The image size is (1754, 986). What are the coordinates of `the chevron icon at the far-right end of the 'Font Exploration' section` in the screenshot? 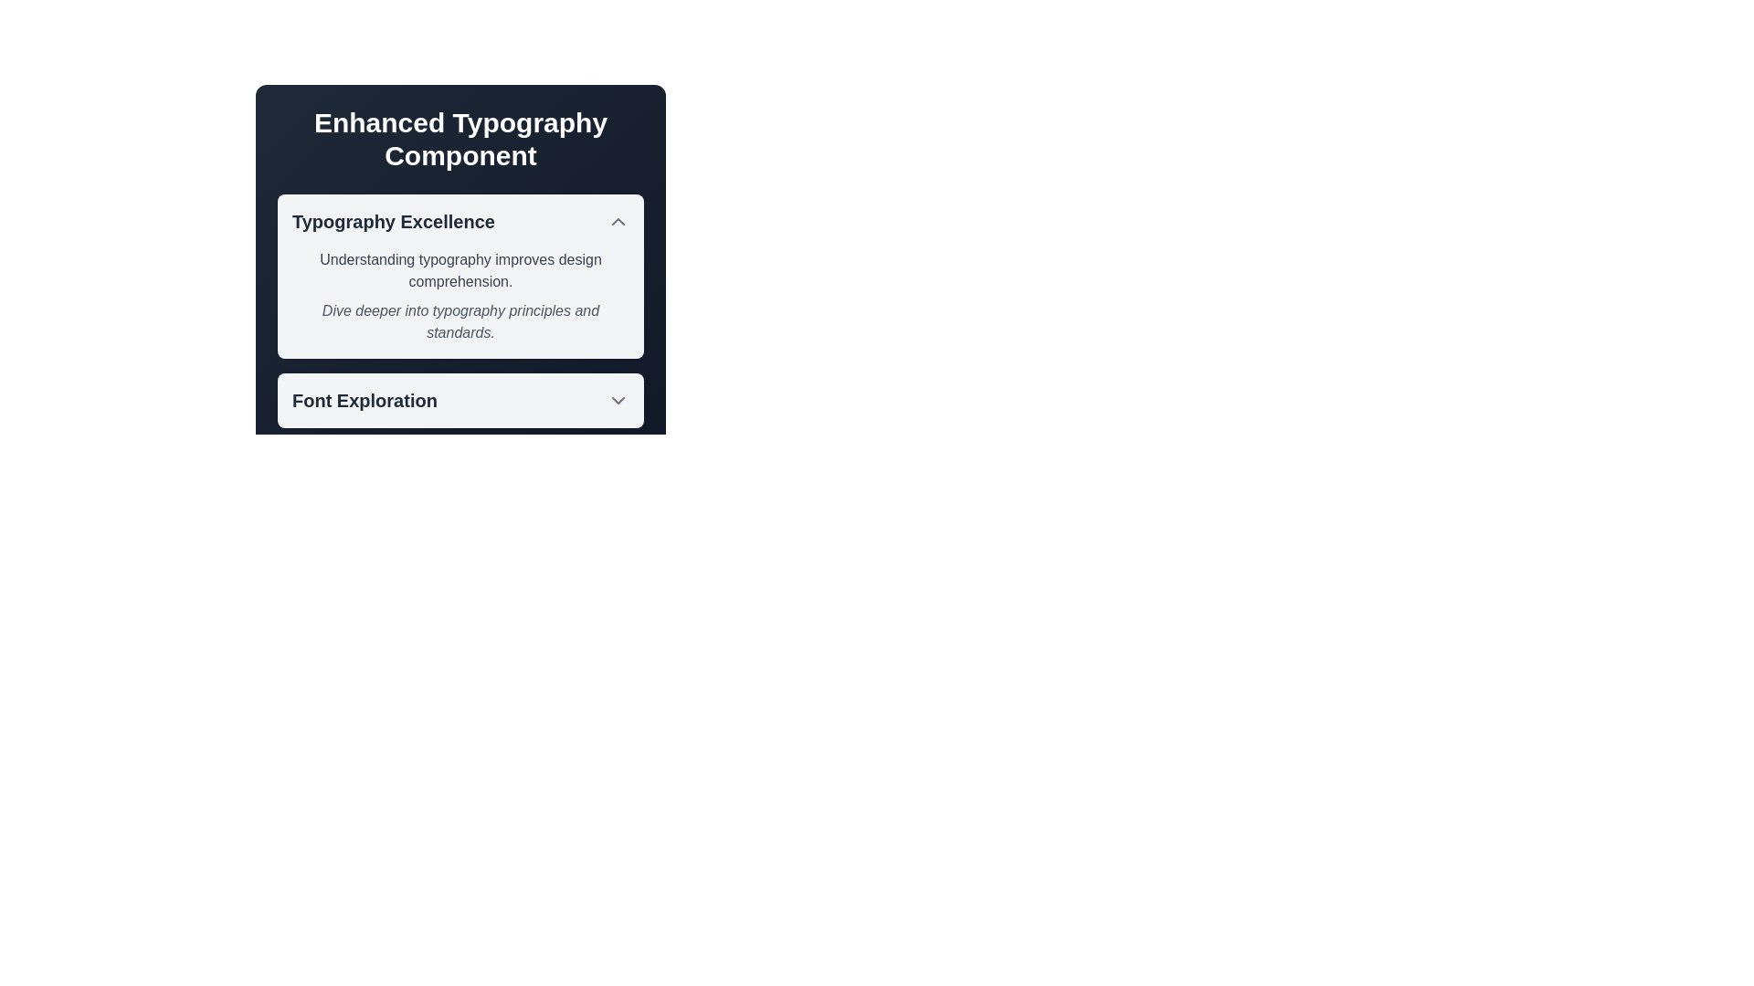 It's located at (618, 400).